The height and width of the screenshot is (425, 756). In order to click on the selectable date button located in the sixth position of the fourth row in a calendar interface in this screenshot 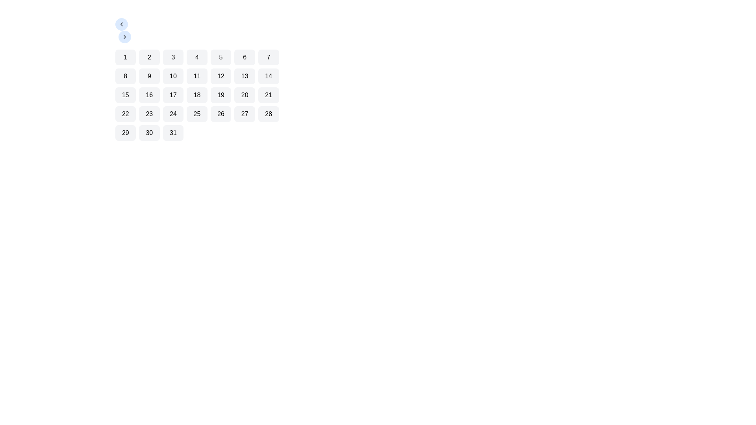, I will do `click(220, 114)`.